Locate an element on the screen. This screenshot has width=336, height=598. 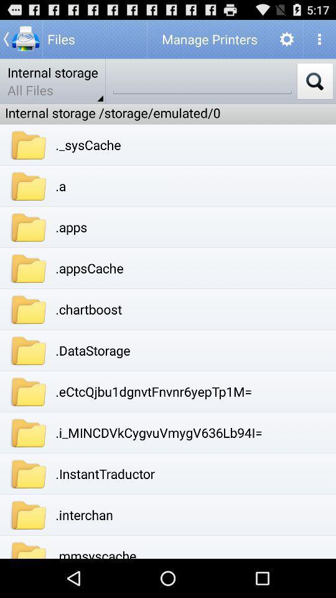
._syscache app is located at coordinates (87, 145).